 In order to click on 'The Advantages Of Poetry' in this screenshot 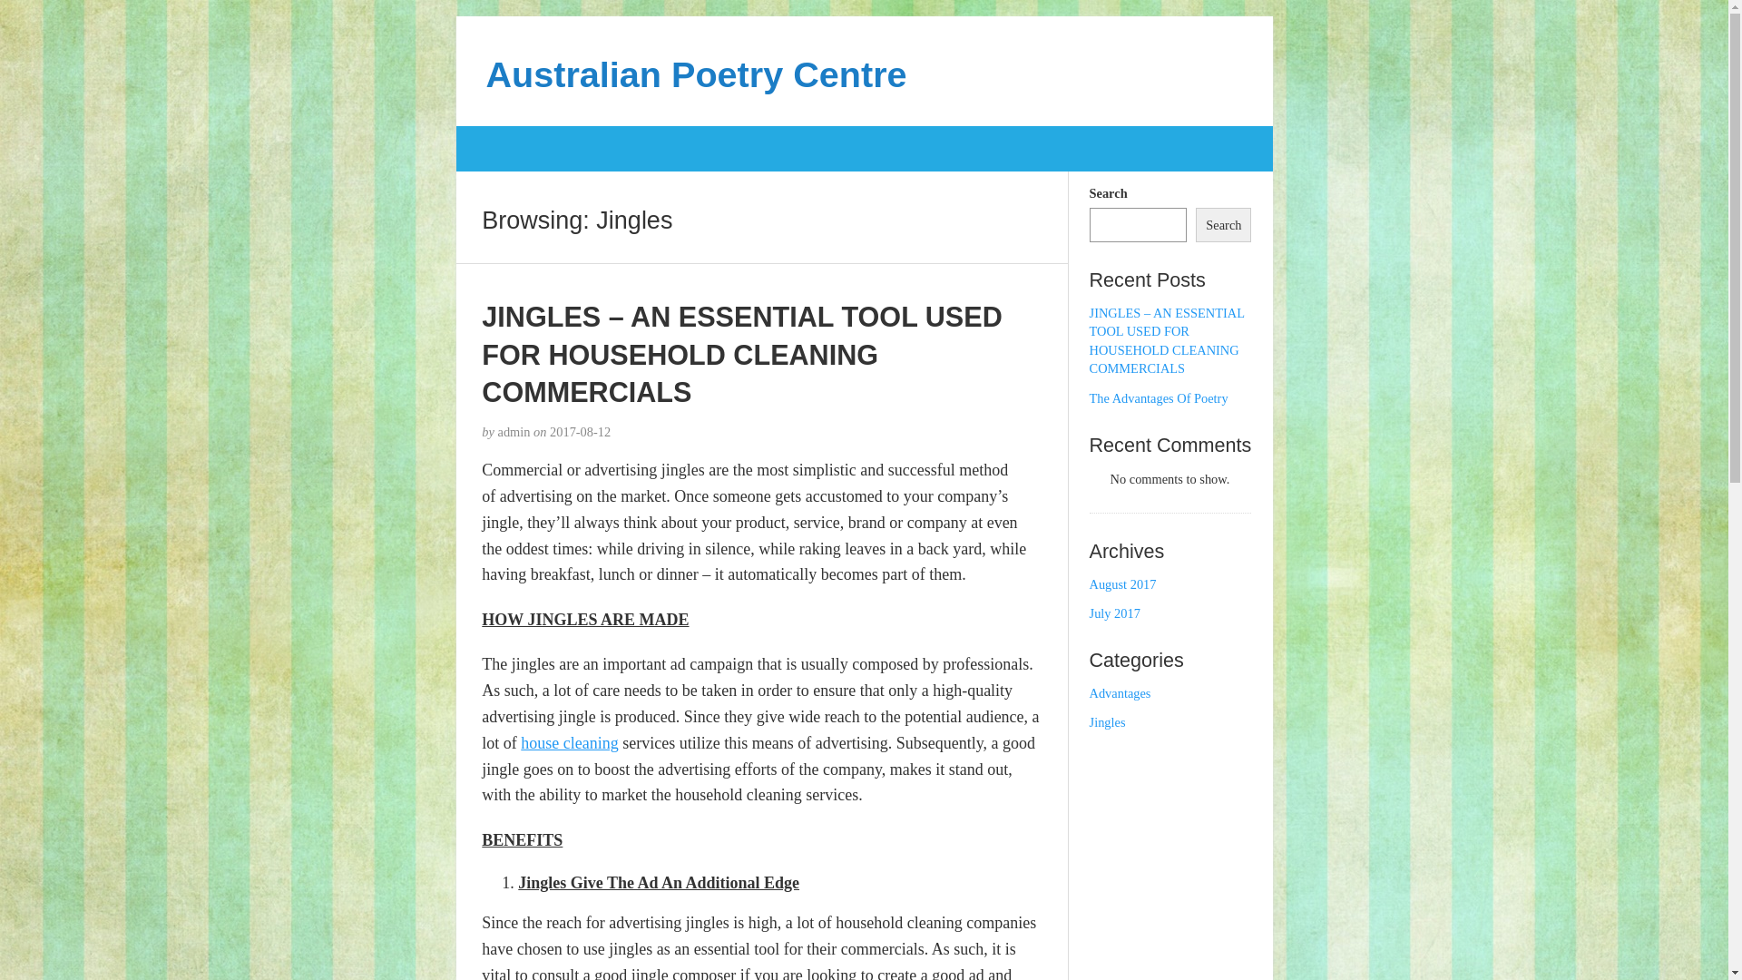, I will do `click(1089, 397)`.